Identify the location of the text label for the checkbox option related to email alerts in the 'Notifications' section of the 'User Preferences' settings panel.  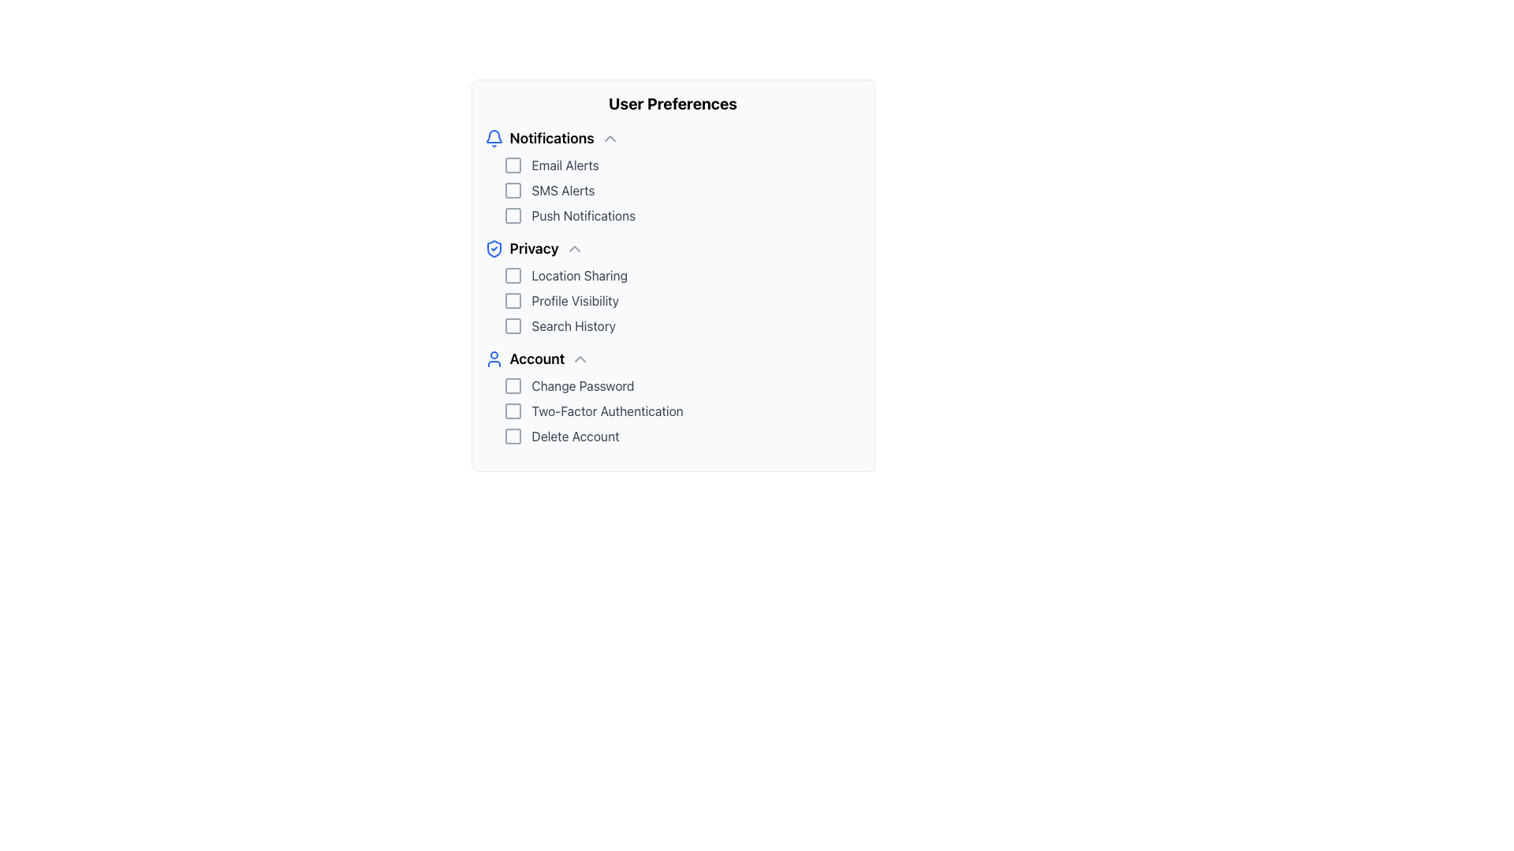
(565, 165).